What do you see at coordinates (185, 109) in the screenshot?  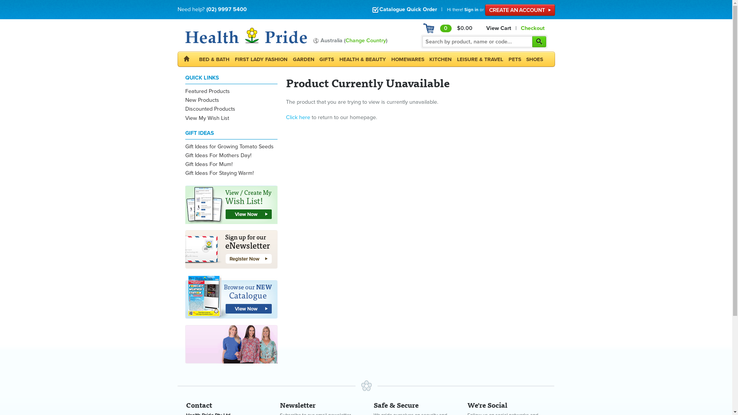 I see `'Discounted Products'` at bounding box center [185, 109].